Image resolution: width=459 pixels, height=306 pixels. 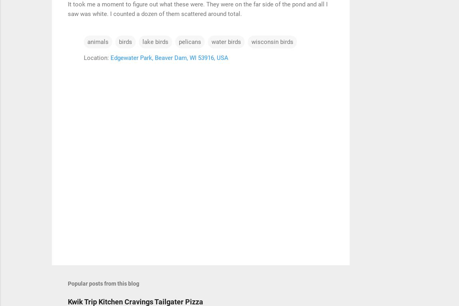 What do you see at coordinates (67, 283) in the screenshot?
I see `'Popular posts from this blog'` at bounding box center [67, 283].